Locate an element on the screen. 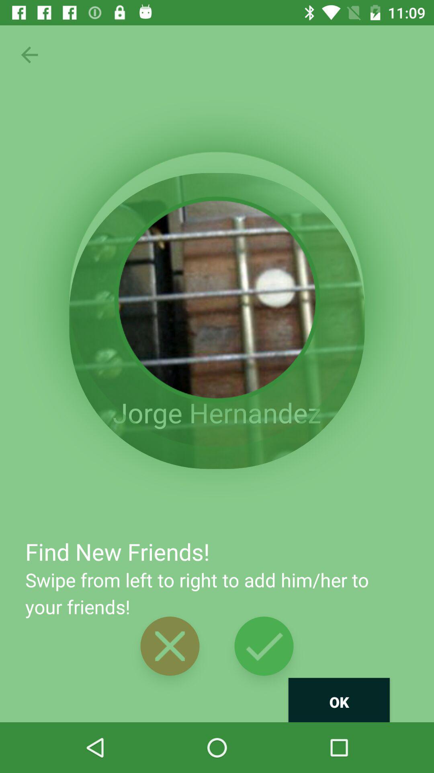 This screenshot has width=434, height=773. go back is located at coordinates (29, 54).